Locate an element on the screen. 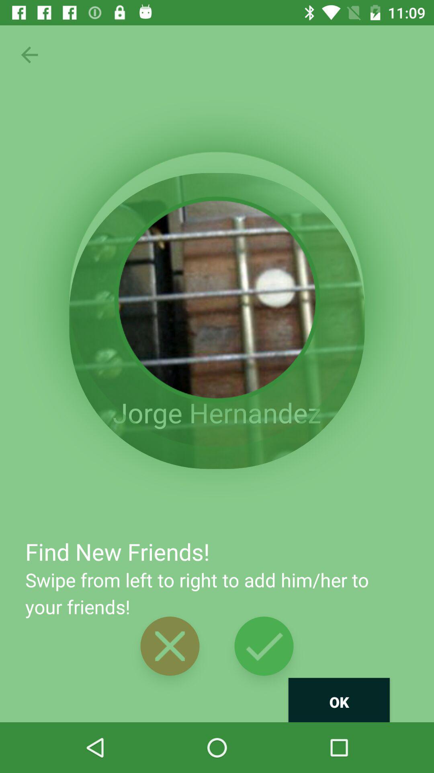 This screenshot has width=434, height=773. go back is located at coordinates (29, 54).